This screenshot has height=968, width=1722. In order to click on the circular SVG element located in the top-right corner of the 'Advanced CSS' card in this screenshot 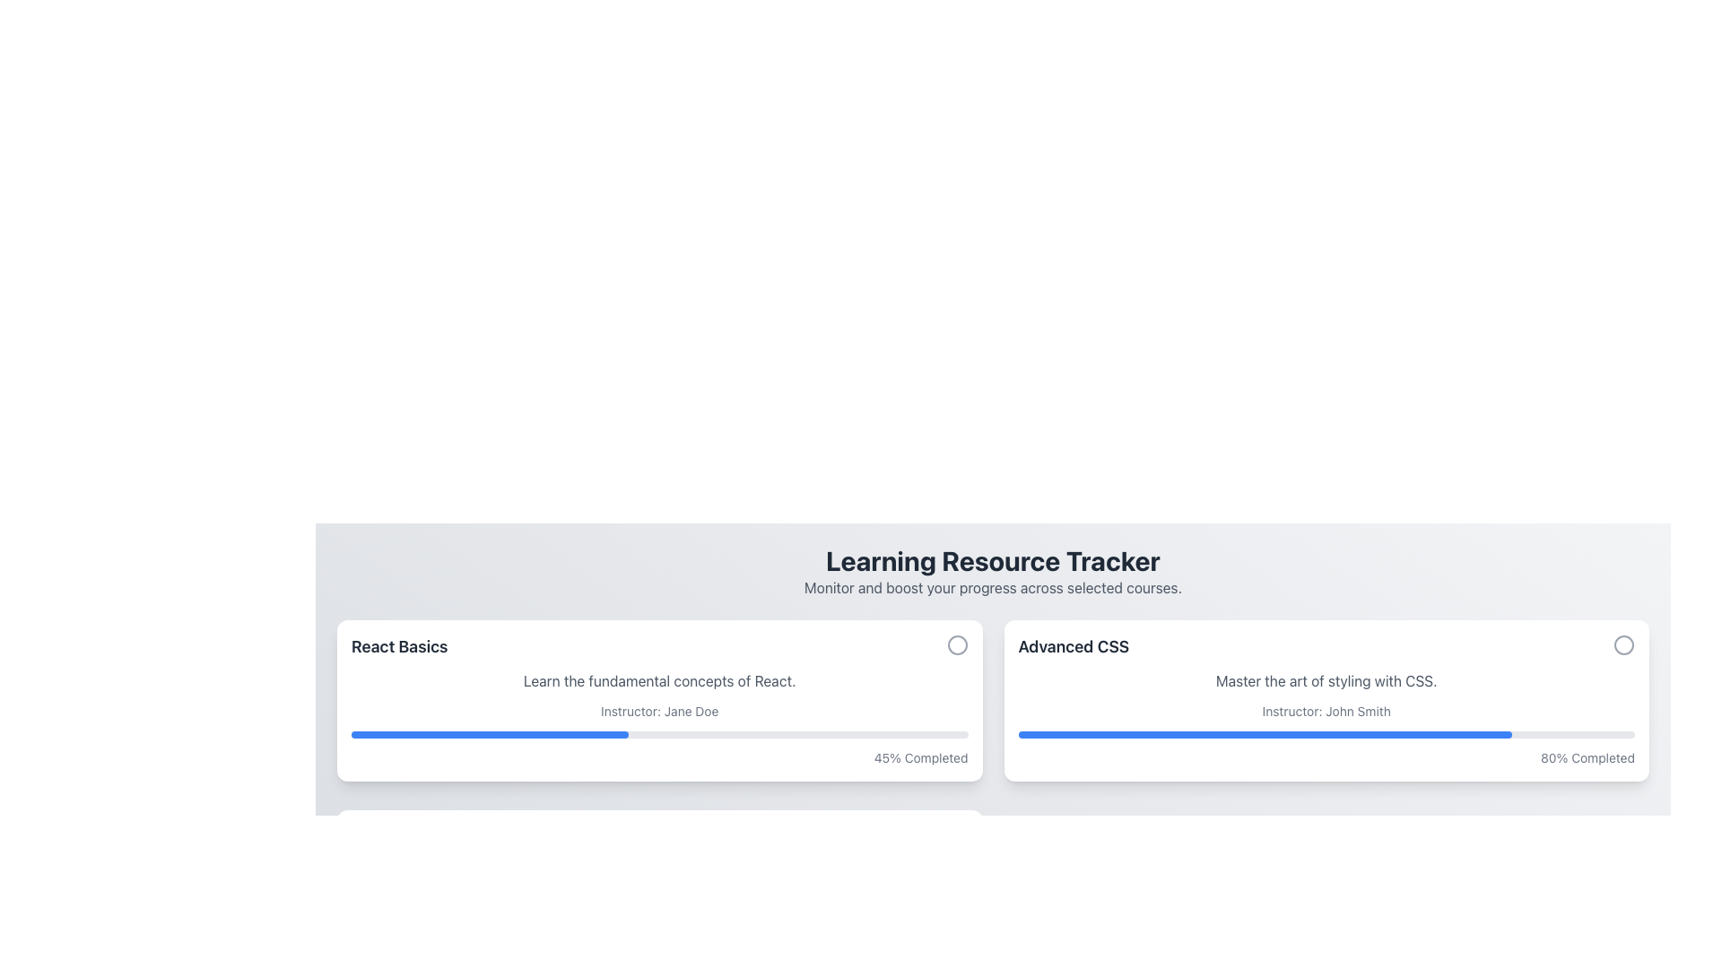, I will do `click(1623, 645)`.